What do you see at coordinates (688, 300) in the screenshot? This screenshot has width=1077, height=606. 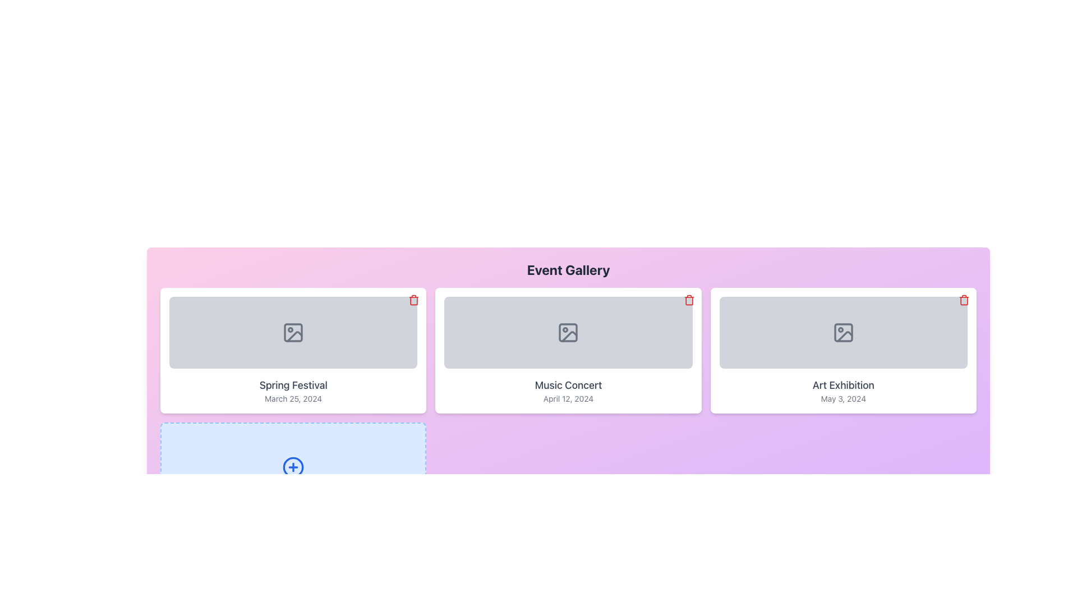 I see `the central rectangular part of the trash icon located in the top-right corner of the 'Music Concert, April 12, 2024' card` at bounding box center [688, 300].